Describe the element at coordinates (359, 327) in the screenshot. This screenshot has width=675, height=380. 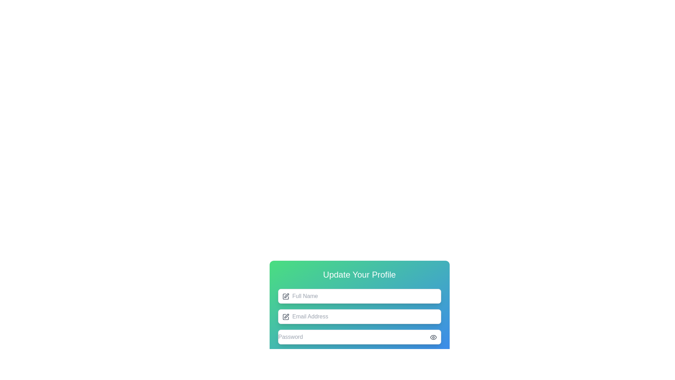
I see `the email input field, which is the second of three vertically aligned fields` at that location.